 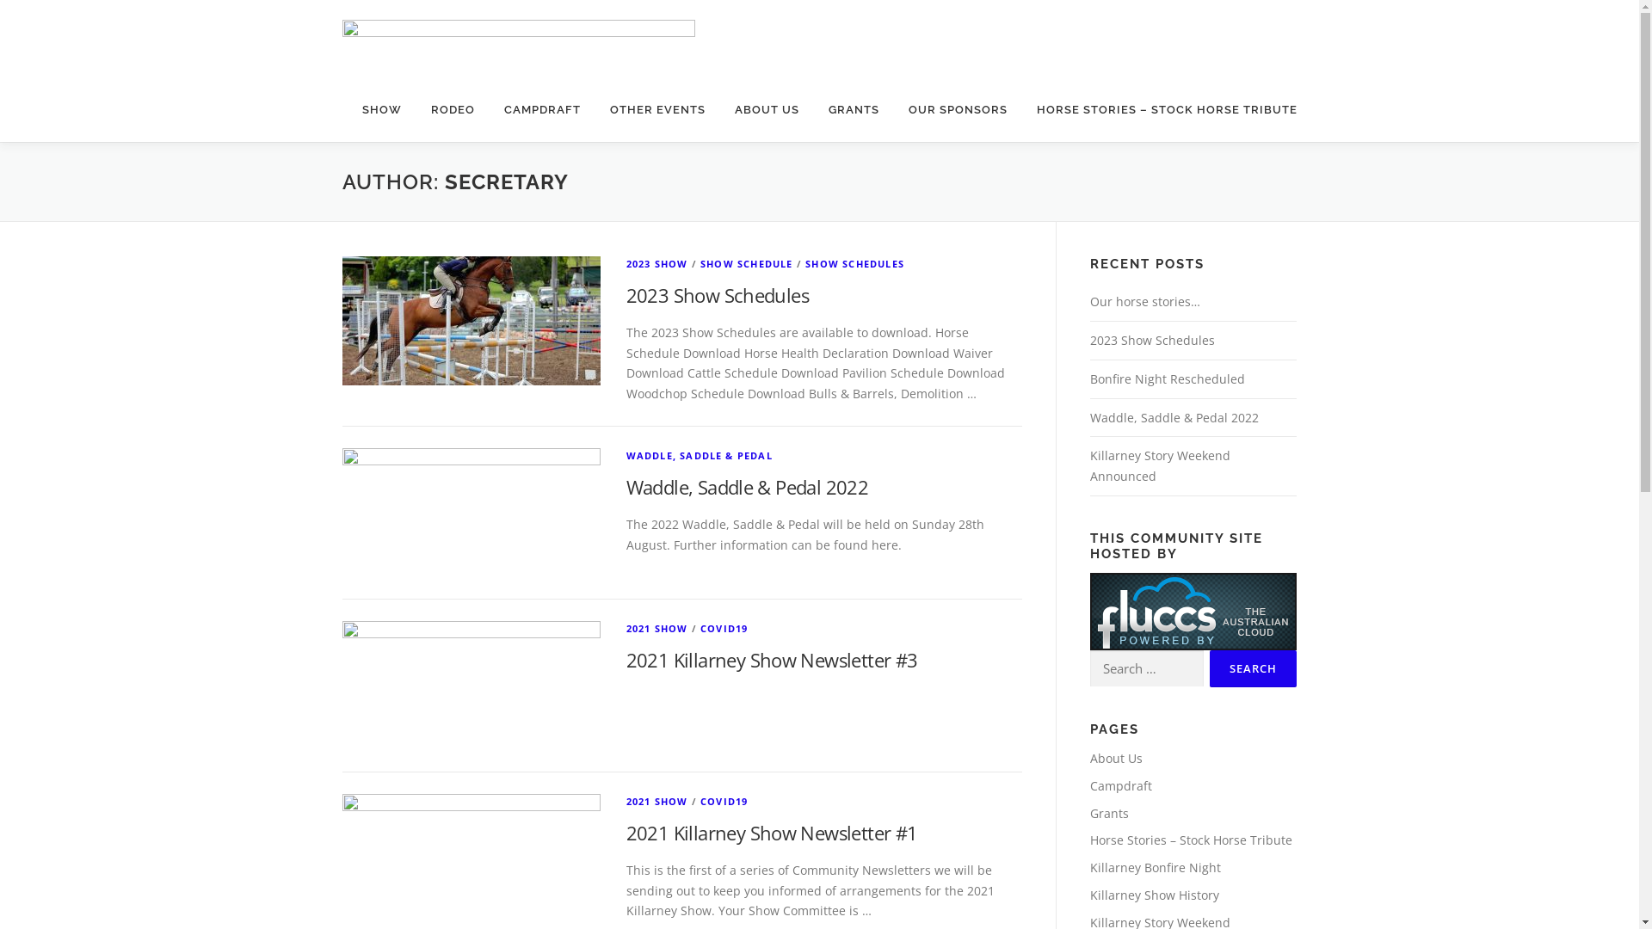 What do you see at coordinates (1115, 757) in the screenshot?
I see `'About Us'` at bounding box center [1115, 757].